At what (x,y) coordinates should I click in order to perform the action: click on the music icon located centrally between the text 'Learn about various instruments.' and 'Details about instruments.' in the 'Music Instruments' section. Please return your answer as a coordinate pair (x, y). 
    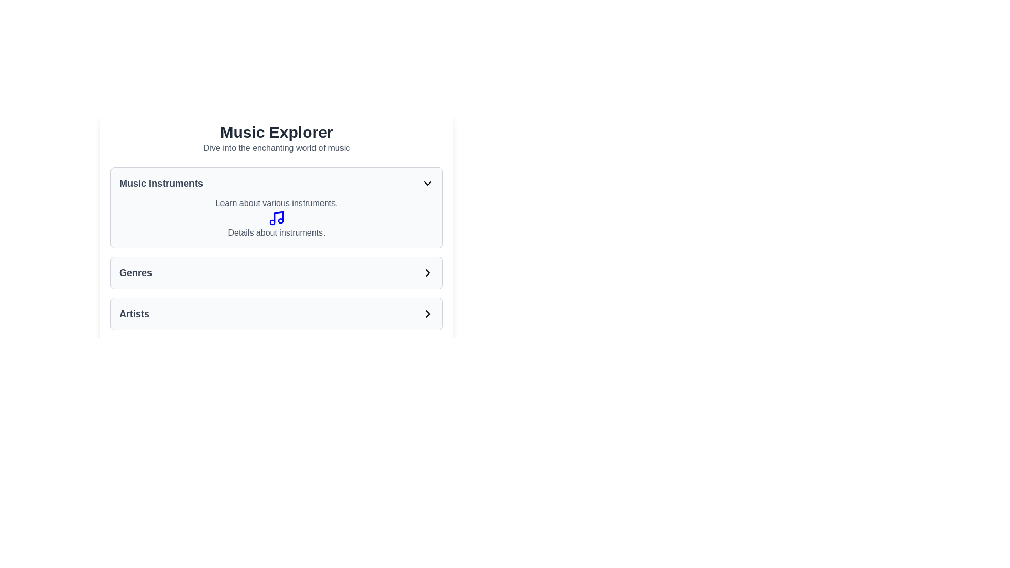
    Looking at the image, I should click on (277, 218).